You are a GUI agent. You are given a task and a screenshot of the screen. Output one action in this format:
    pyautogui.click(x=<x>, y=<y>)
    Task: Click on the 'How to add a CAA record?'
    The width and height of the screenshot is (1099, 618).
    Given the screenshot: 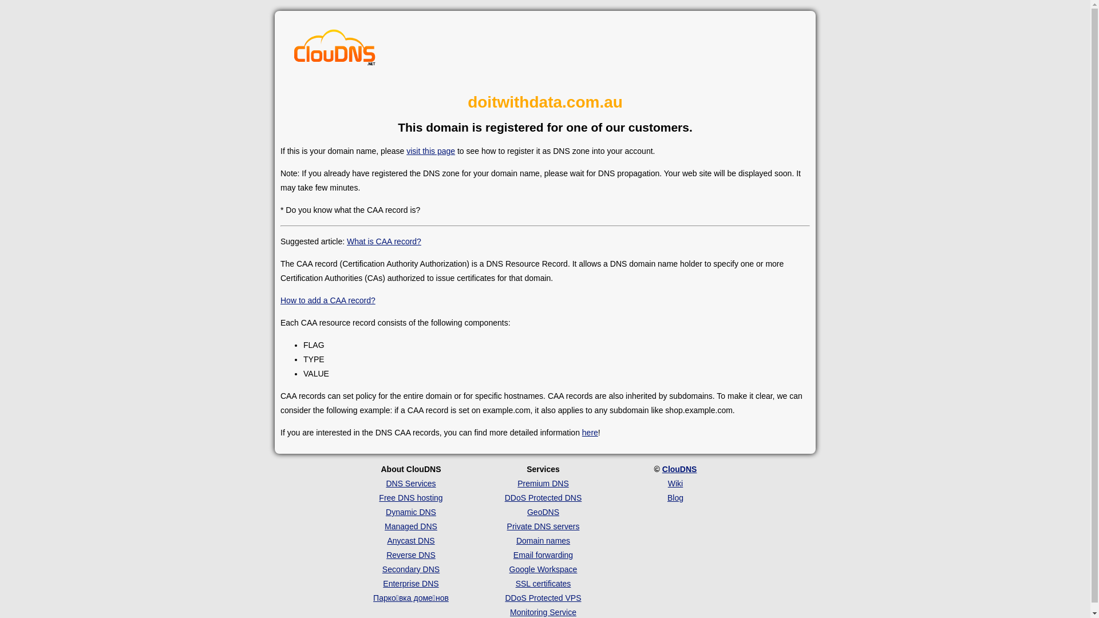 What is the action you would take?
    pyautogui.click(x=327, y=299)
    